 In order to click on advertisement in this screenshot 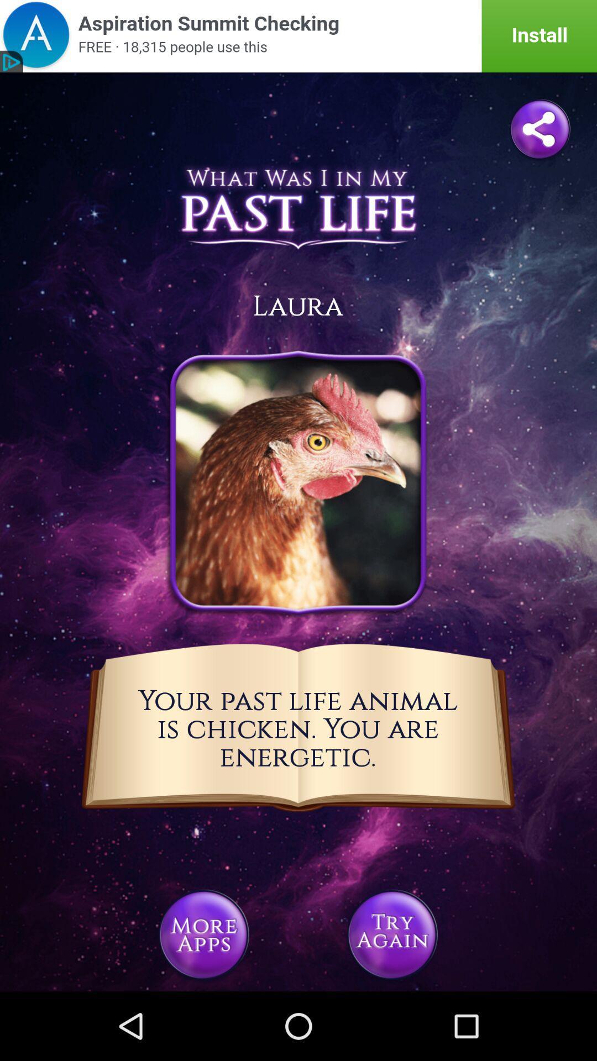, I will do `click(298, 36)`.